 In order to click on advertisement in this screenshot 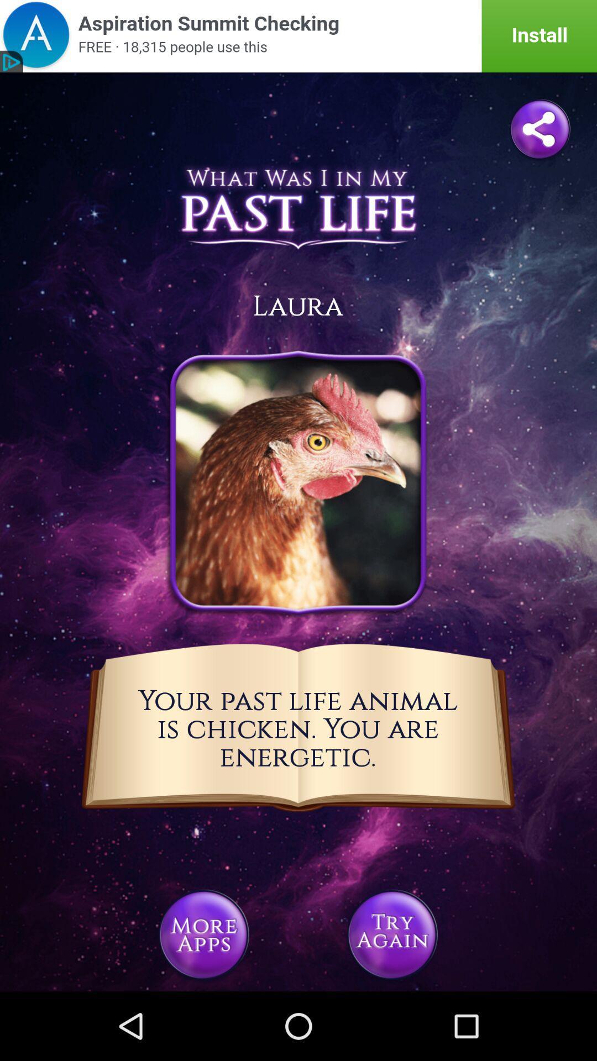, I will do `click(298, 36)`.